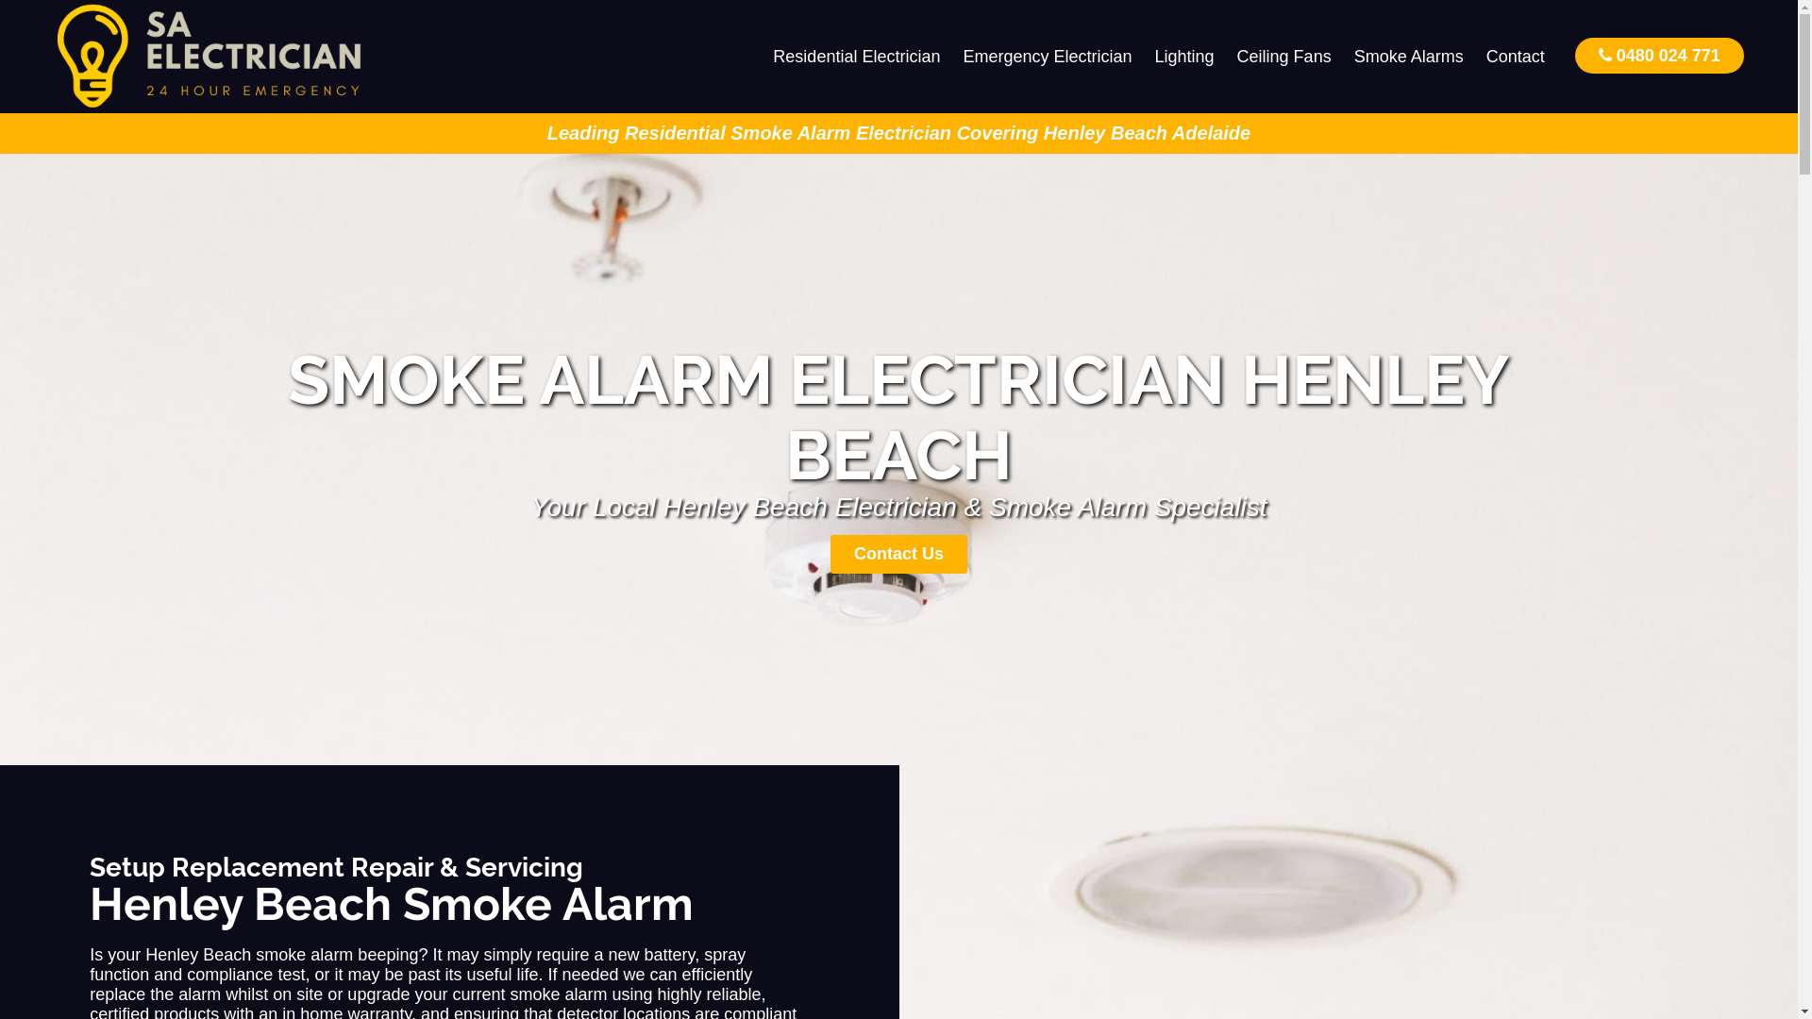 Image resolution: width=1812 pixels, height=1019 pixels. Describe the element at coordinates (898, 553) in the screenshot. I see `'Contact Us'` at that location.